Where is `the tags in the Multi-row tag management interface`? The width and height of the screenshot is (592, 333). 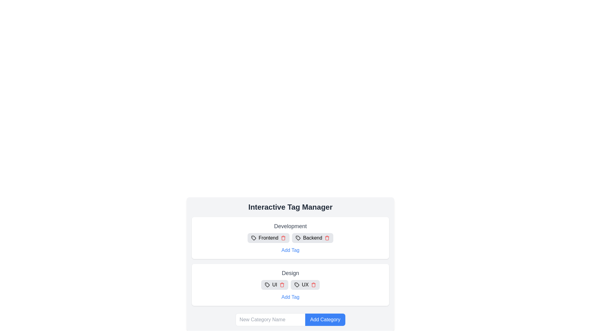 the tags in the Multi-row tag management interface is located at coordinates (290, 261).